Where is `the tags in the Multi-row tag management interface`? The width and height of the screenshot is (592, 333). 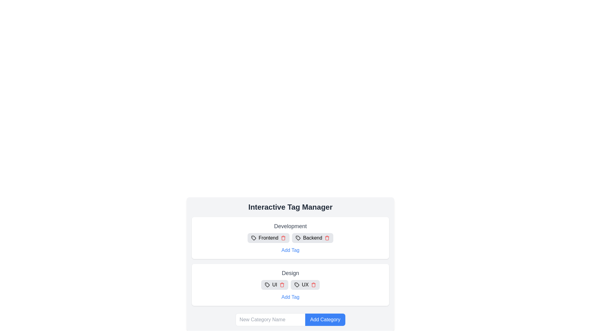 the tags in the Multi-row tag management interface is located at coordinates (290, 261).